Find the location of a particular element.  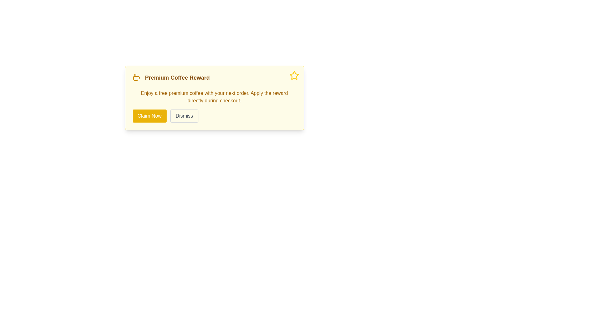

the 'Dismiss' button in the Button Group located at the bottom of the 'Premium Coffee Reward' section for interaction preview is located at coordinates (214, 116).